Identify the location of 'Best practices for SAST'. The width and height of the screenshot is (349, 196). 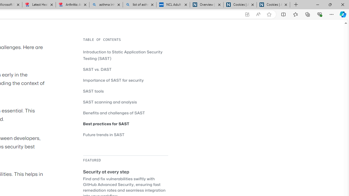
(106, 124).